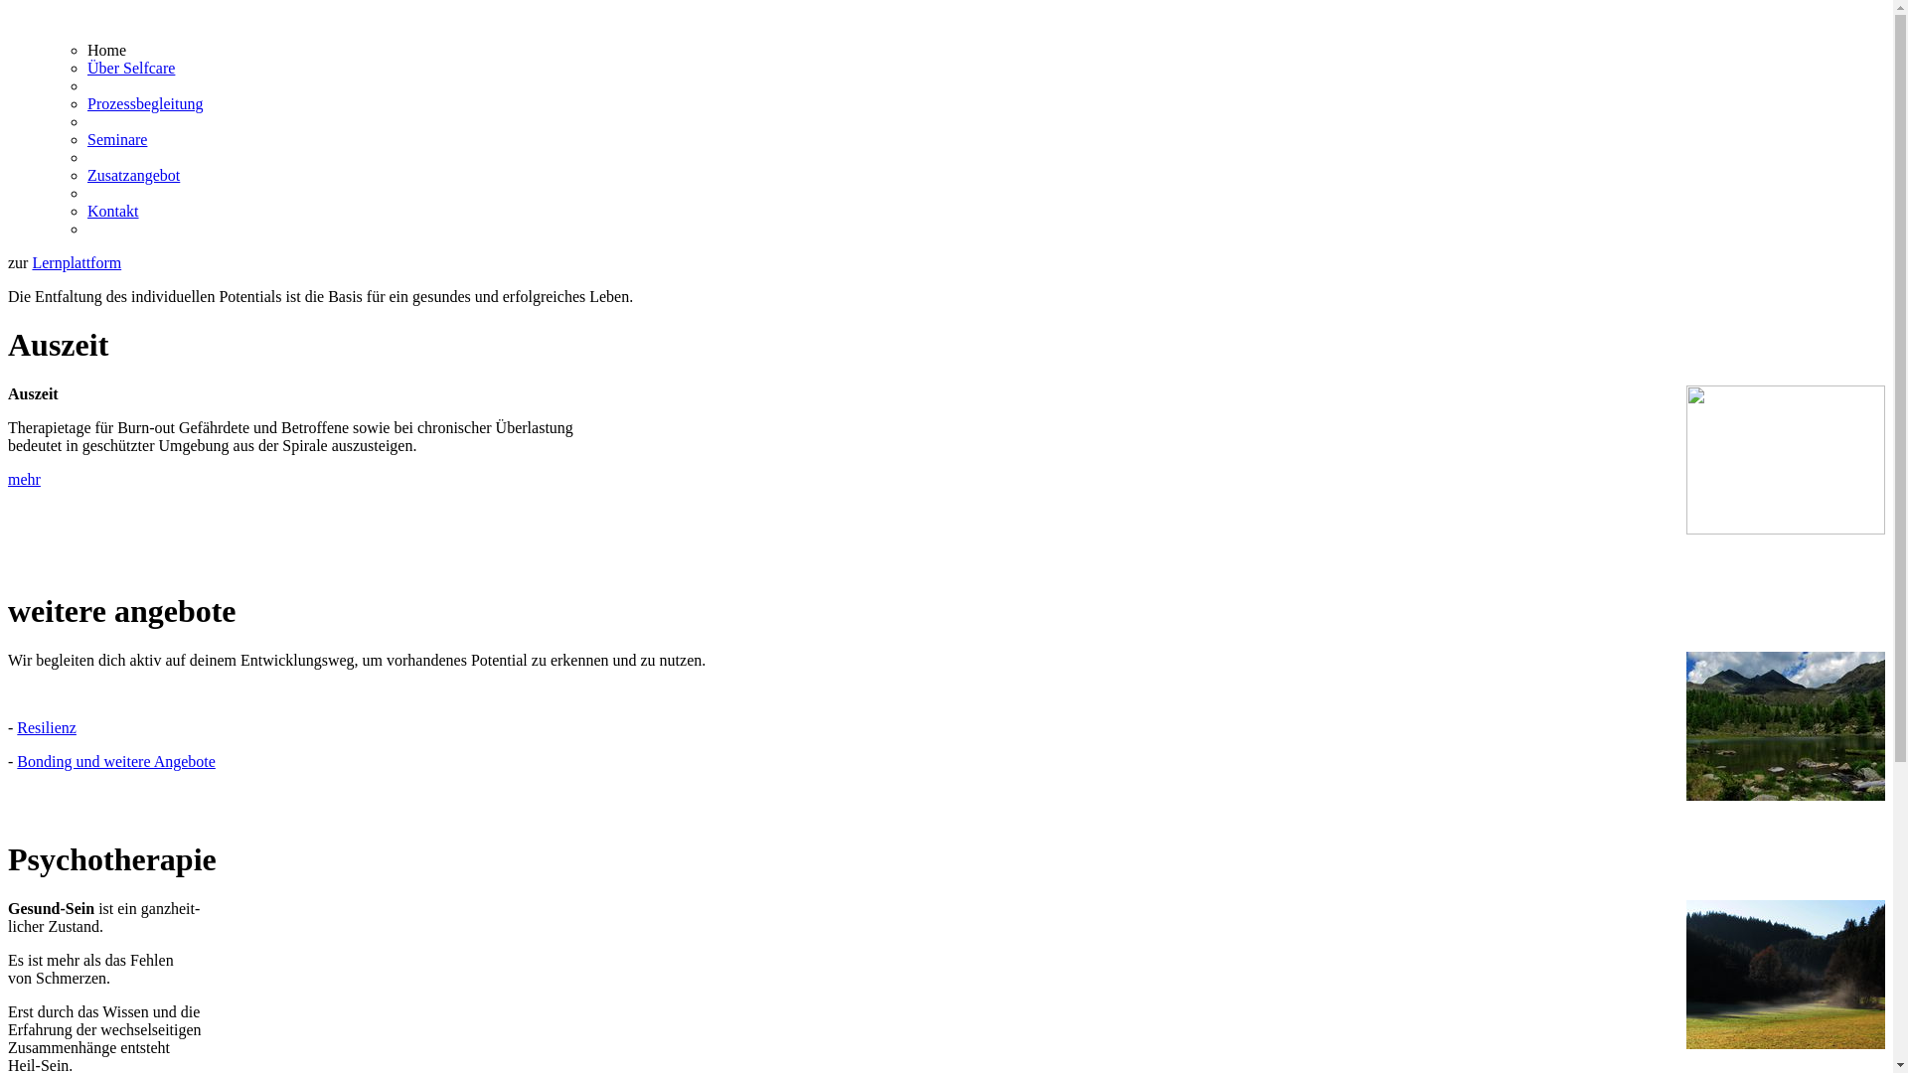 This screenshot has height=1073, width=1908. Describe the element at coordinates (47, 727) in the screenshot. I see `'Resilienz'` at that location.